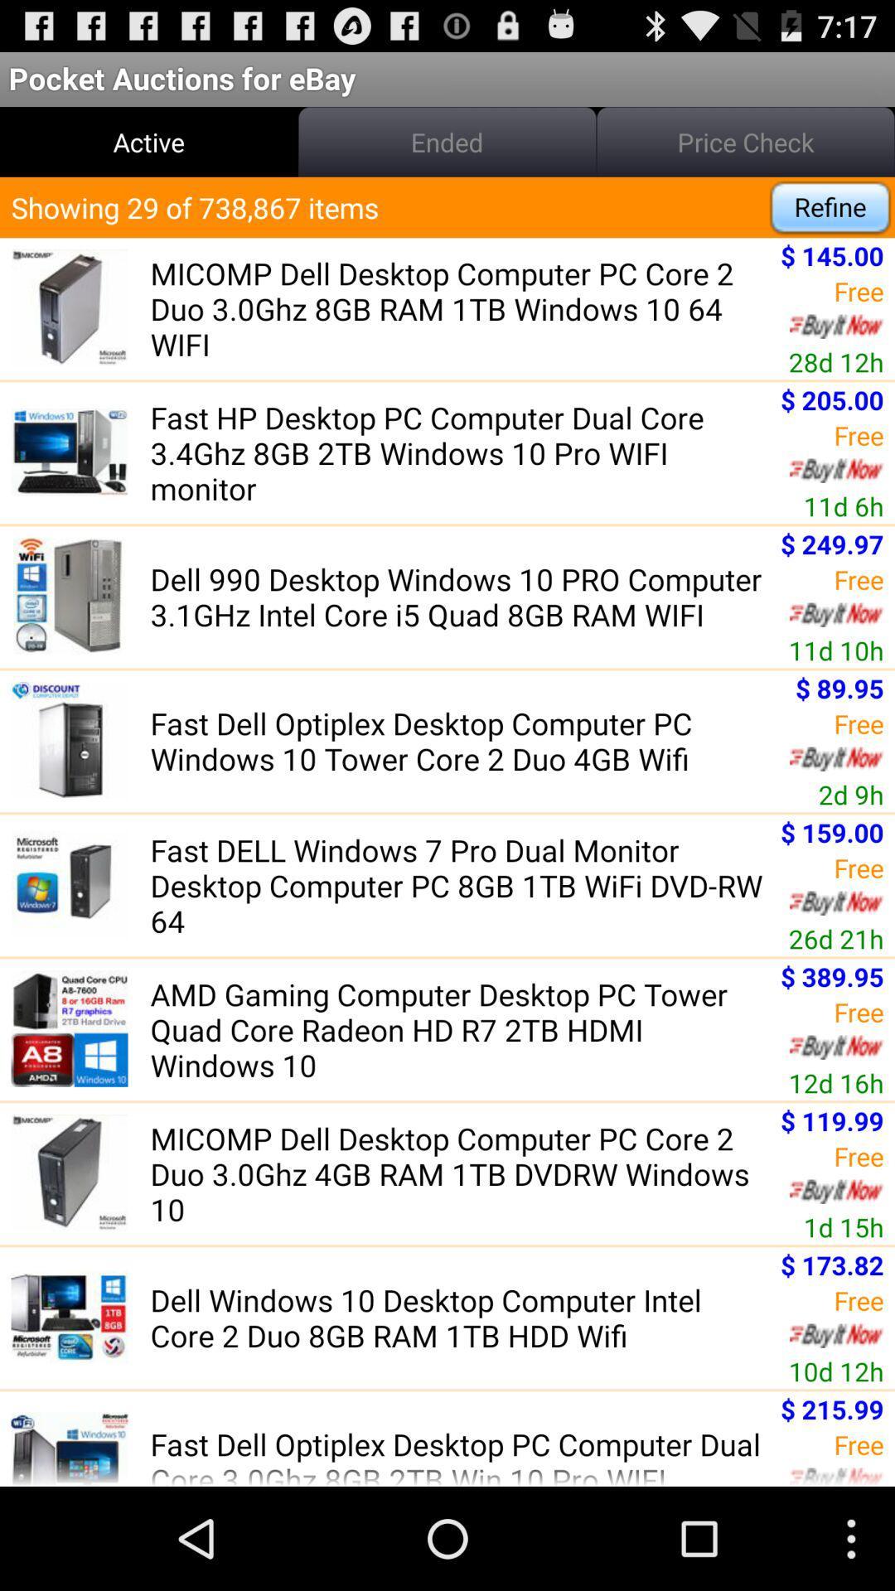 This screenshot has height=1591, width=895. What do you see at coordinates (836, 1082) in the screenshot?
I see `the 12d 16h item` at bounding box center [836, 1082].